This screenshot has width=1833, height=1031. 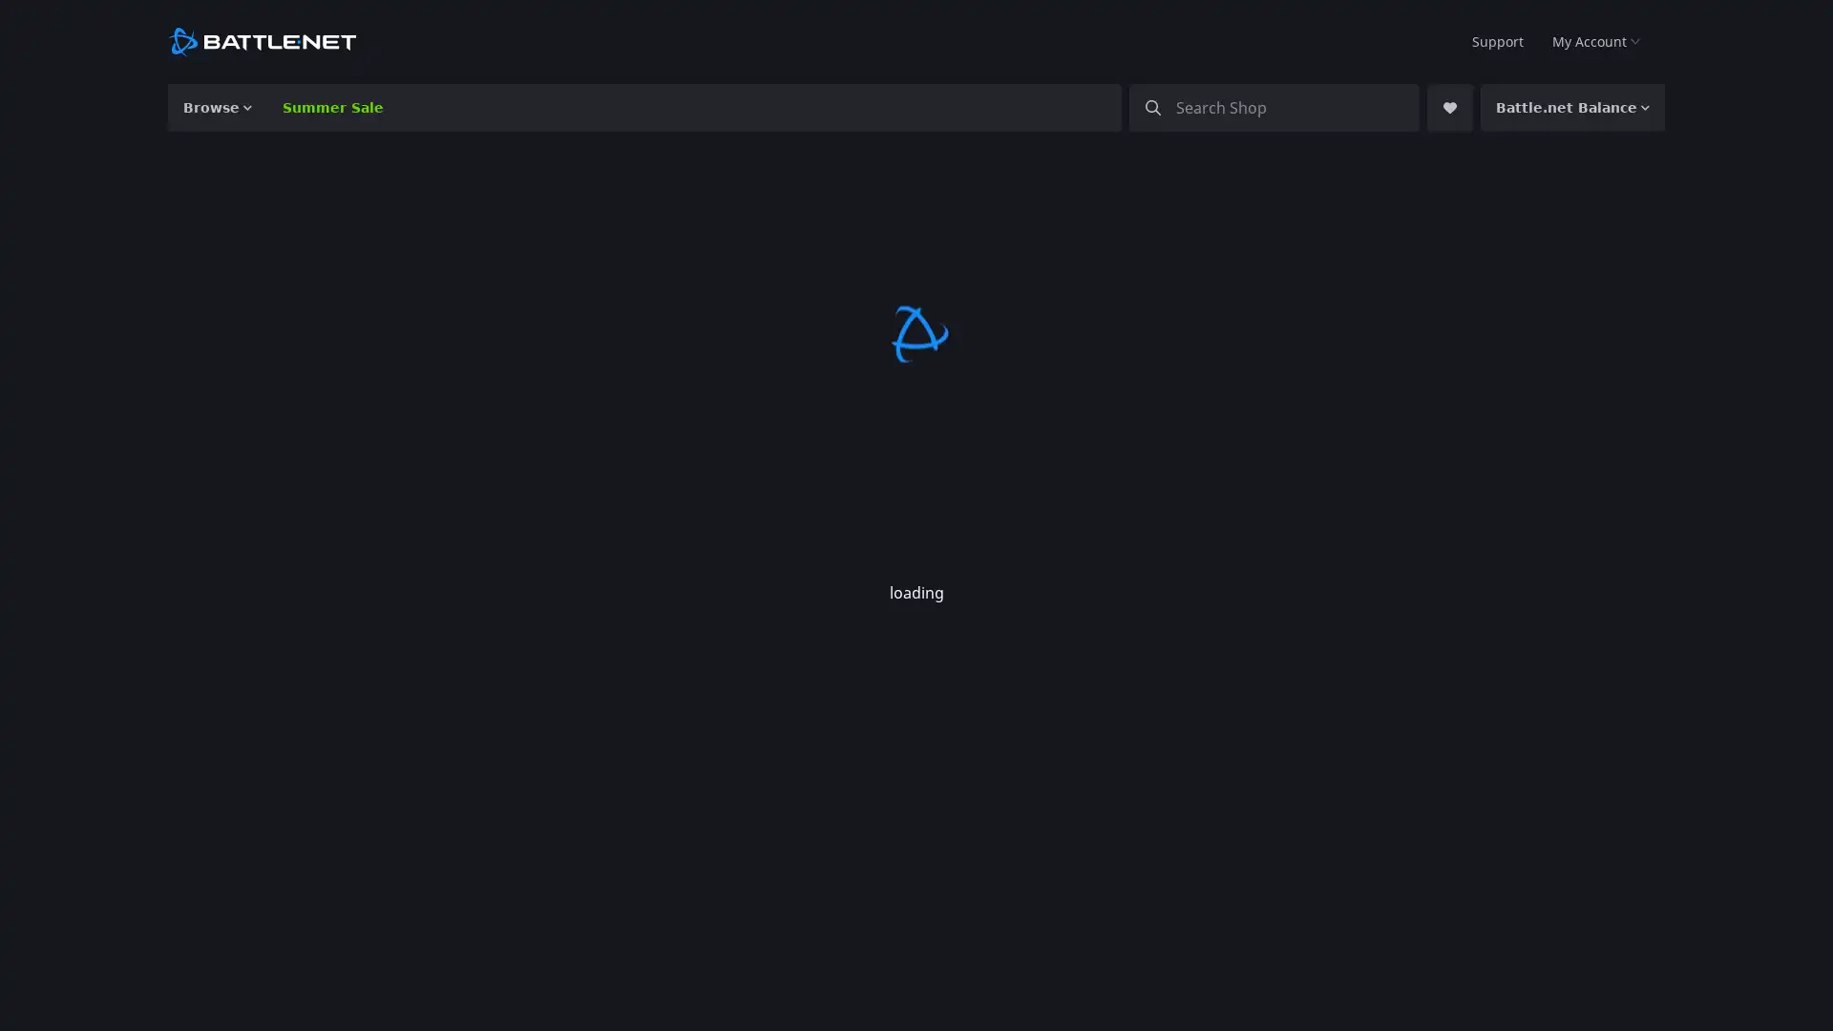 I want to click on Browse, so click(x=214, y=107).